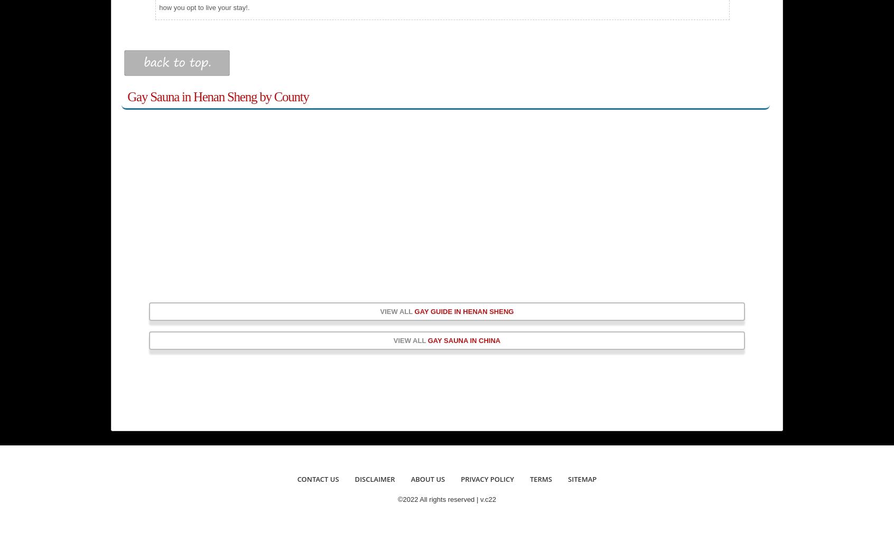 The width and height of the screenshot is (894, 533). What do you see at coordinates (463, 340) in the screenshot?
I see `'Gay Sauna in China'` at bounding box center [463, 340].